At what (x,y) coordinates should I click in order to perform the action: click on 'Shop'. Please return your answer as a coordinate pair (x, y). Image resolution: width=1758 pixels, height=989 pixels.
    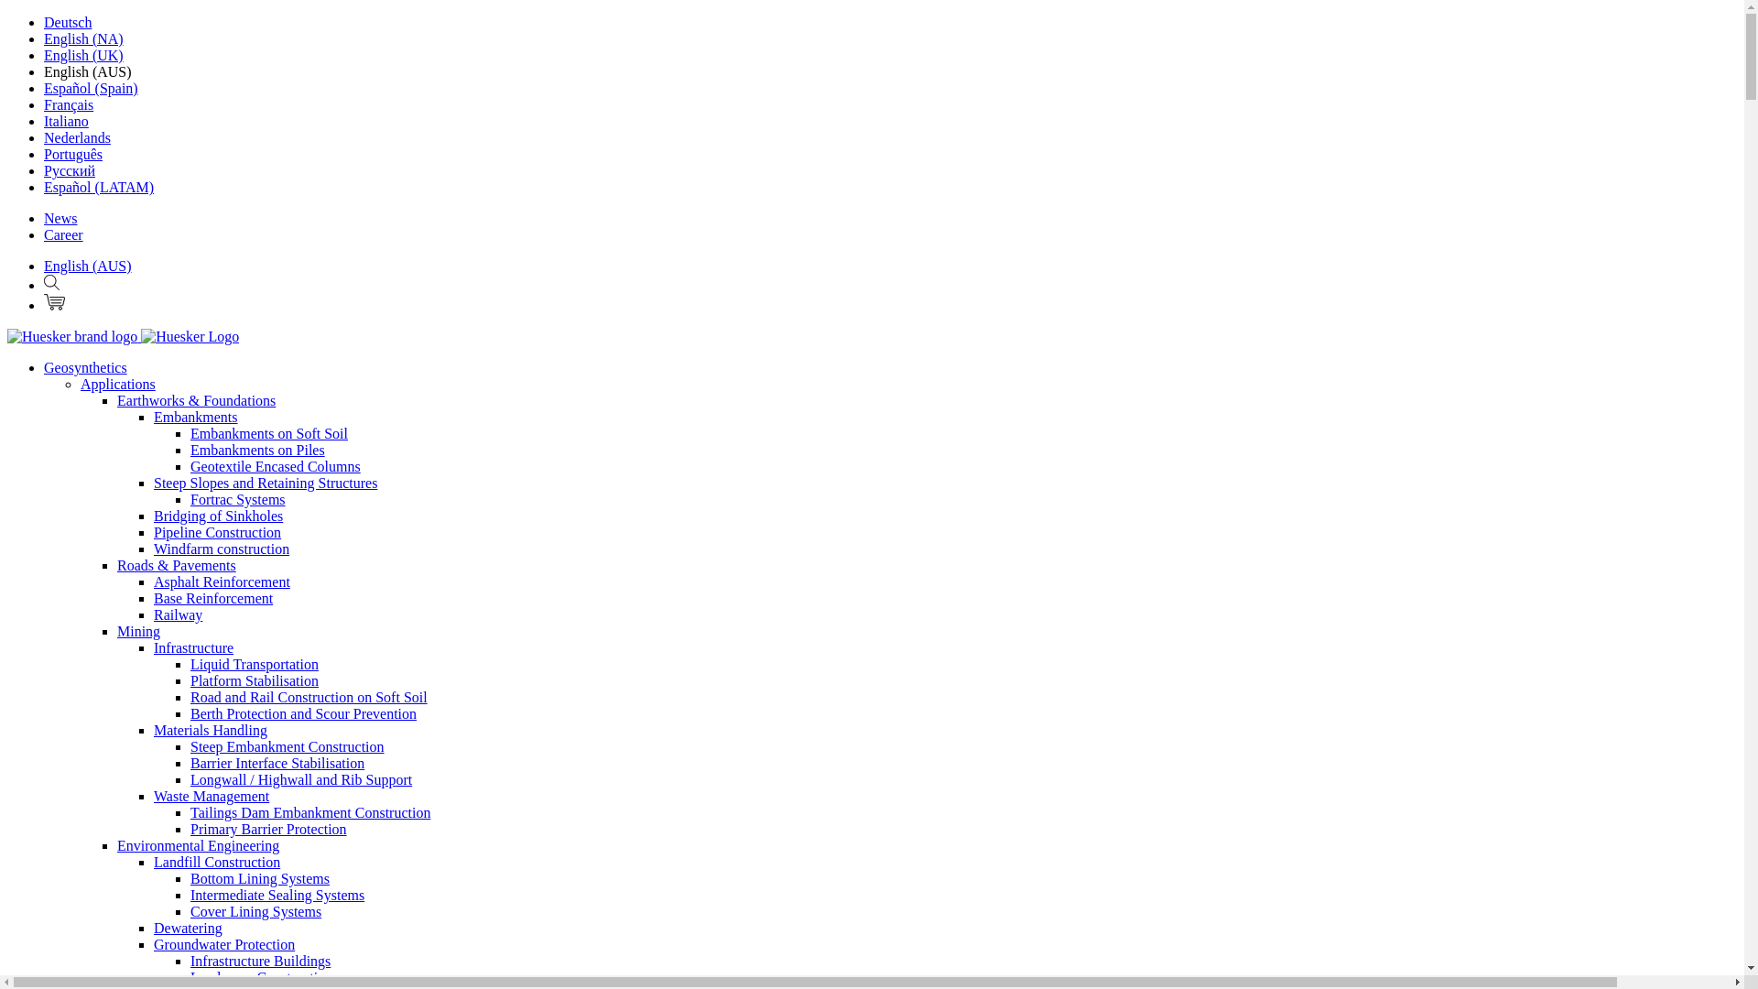
    Looking at the image, I should click on (54, 304).